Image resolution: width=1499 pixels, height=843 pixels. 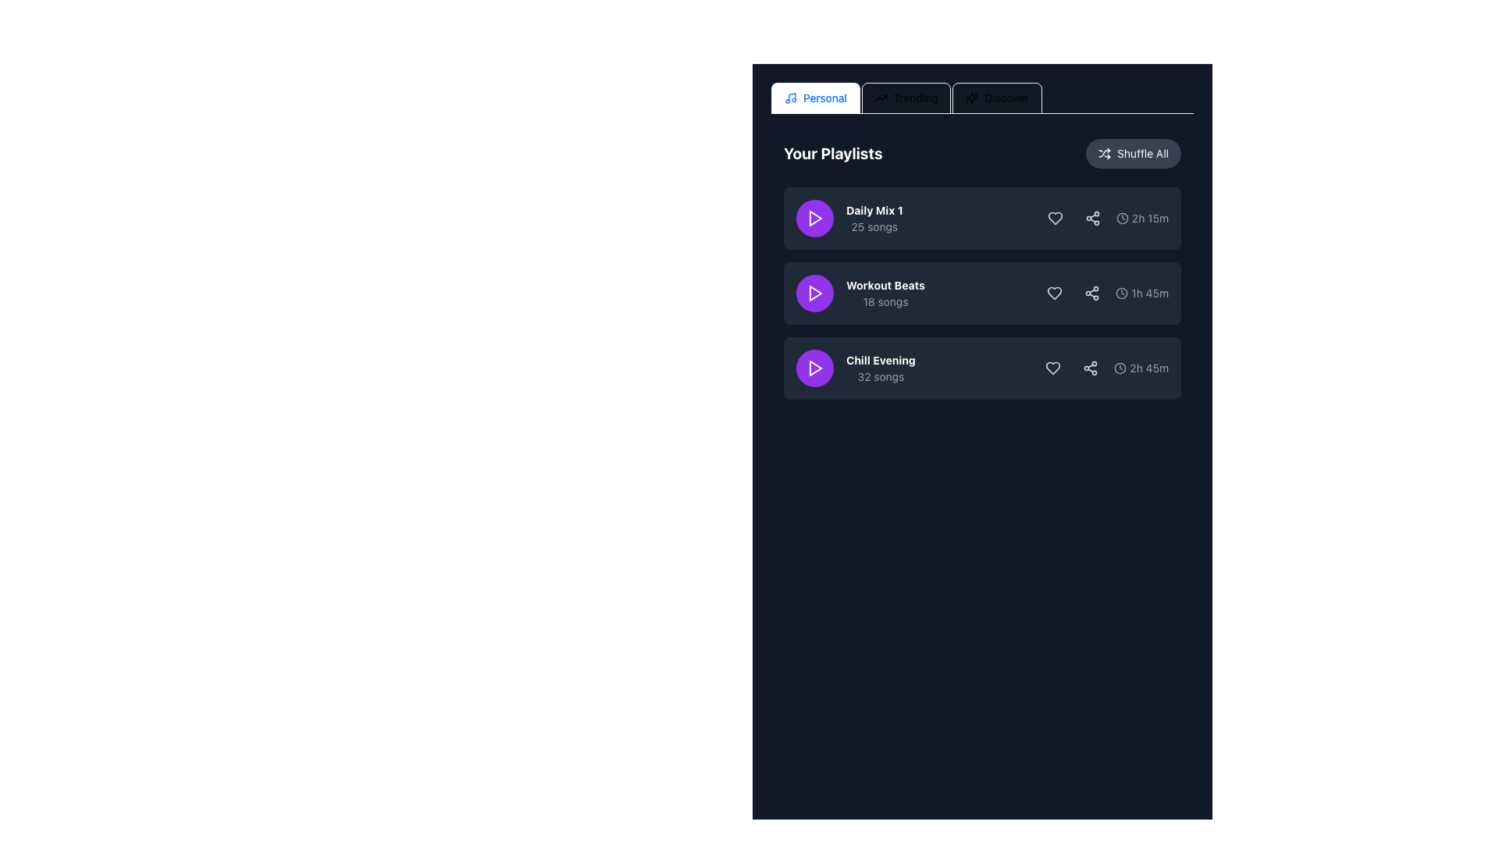 What do you see at coordinates (885, 301) in the screenshot?
I see `the text label displaying the number of songs in the 'Workout Beats' playlist, located below the title in the second row of playlist cards in the 'Your Playlists' section` at bounding box center [885, 301].